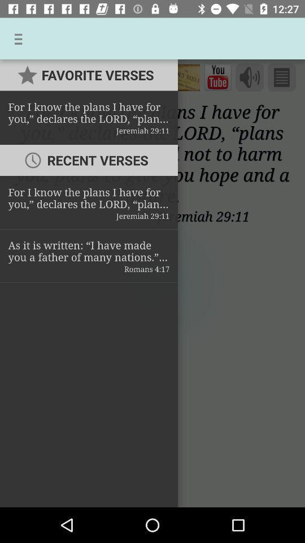  I want to click on the description icon, so click(281, 77).